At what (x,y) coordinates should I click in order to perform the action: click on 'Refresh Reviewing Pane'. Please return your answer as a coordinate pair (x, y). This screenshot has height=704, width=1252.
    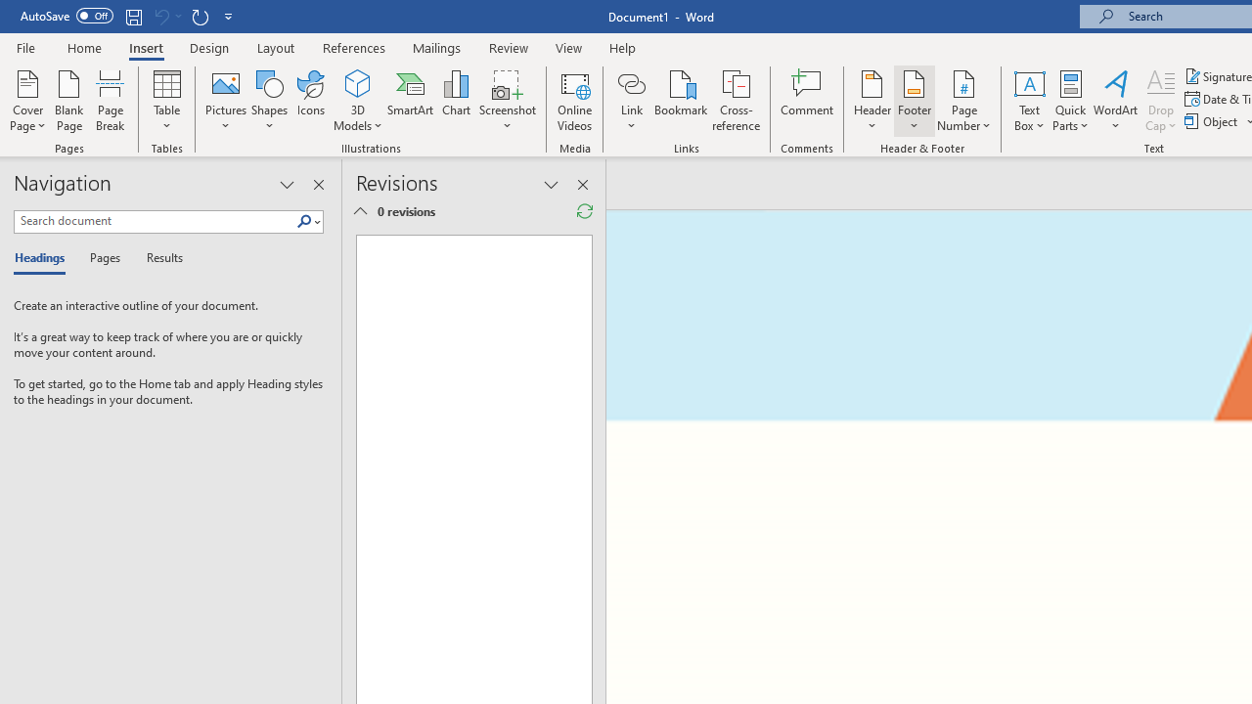
    Looking at the image, I should click on (583, 211).